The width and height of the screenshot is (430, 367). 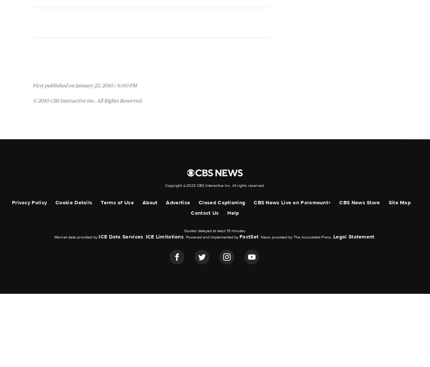 I want to click on 'Terms of Use', so click(x=117, y=202).